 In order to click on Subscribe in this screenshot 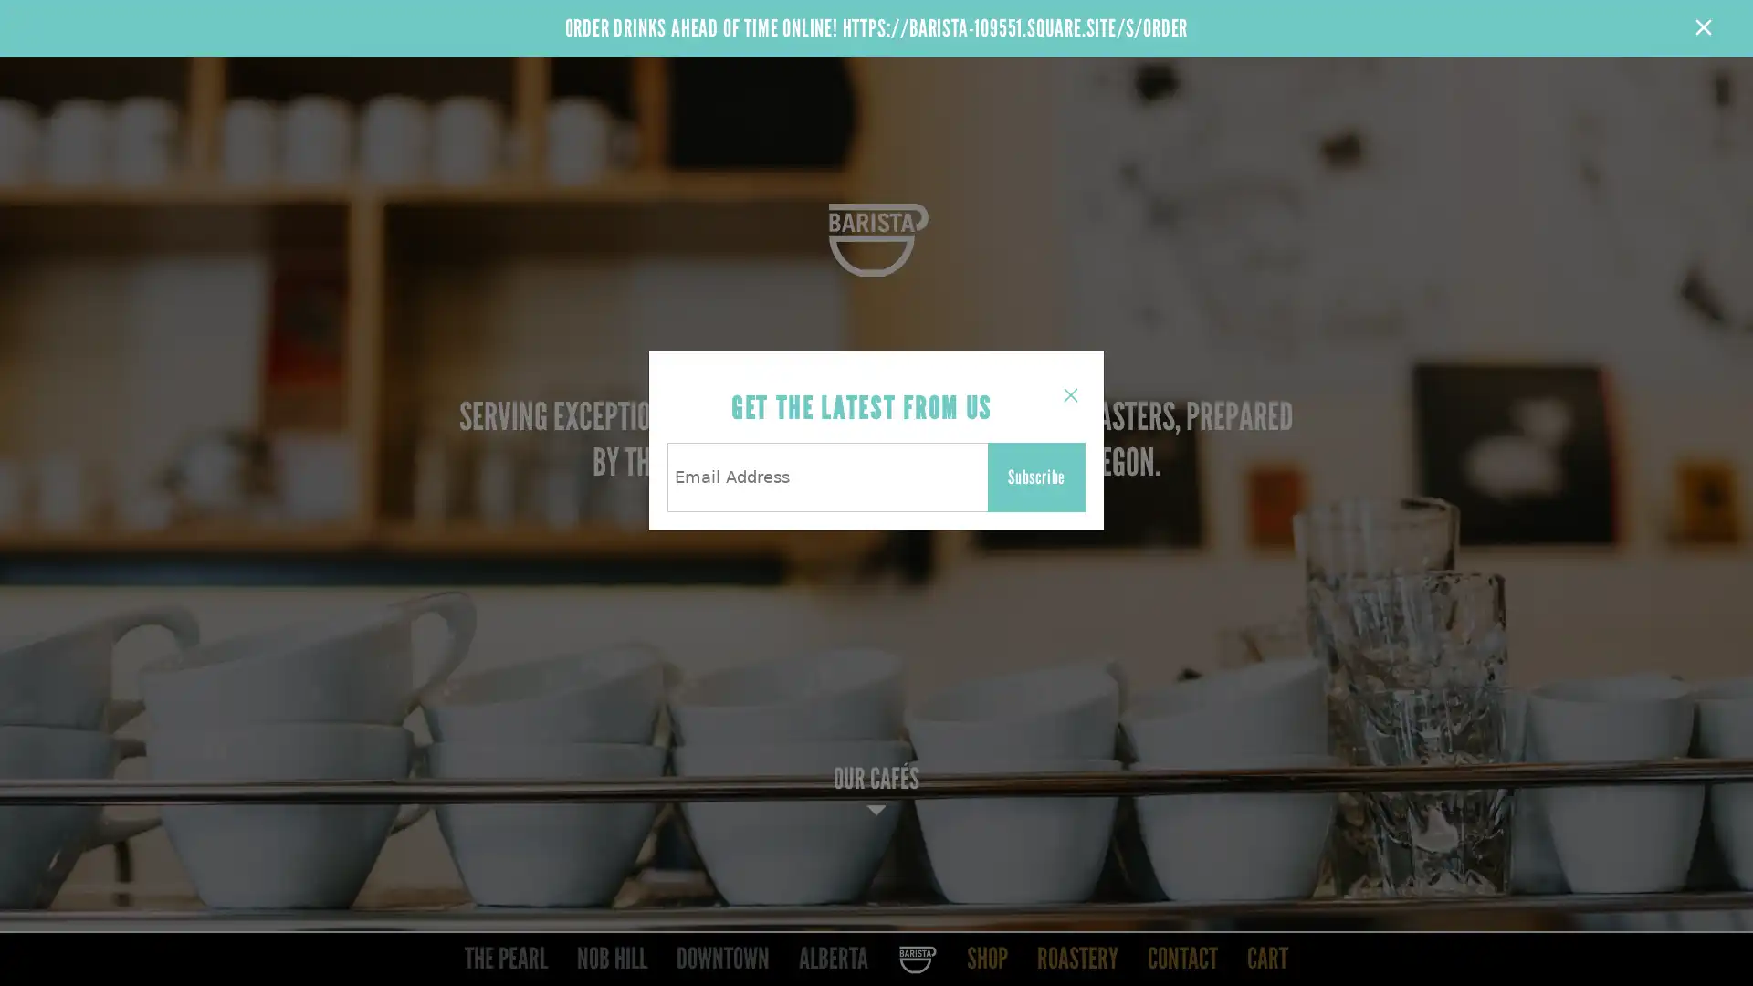, I will do `click(1036, 477)`.